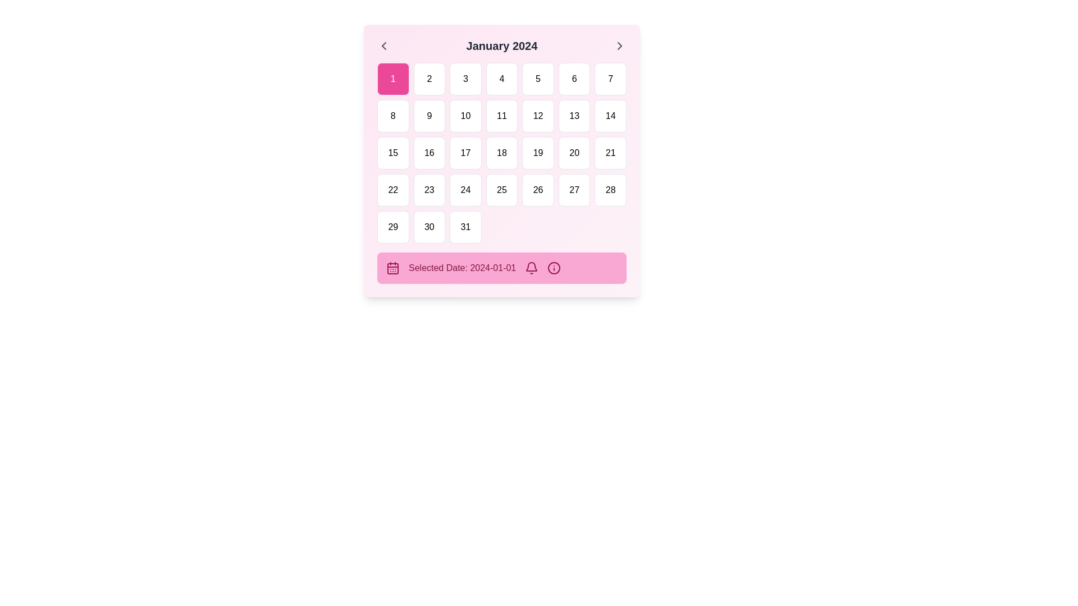  What do you see at coordinates (384, 45) in the screenshot?
I see `the button that navigates to the previous month in the calendar, located to the far left of the header displaying 'January 2024'` at bounding box center [384, 45].